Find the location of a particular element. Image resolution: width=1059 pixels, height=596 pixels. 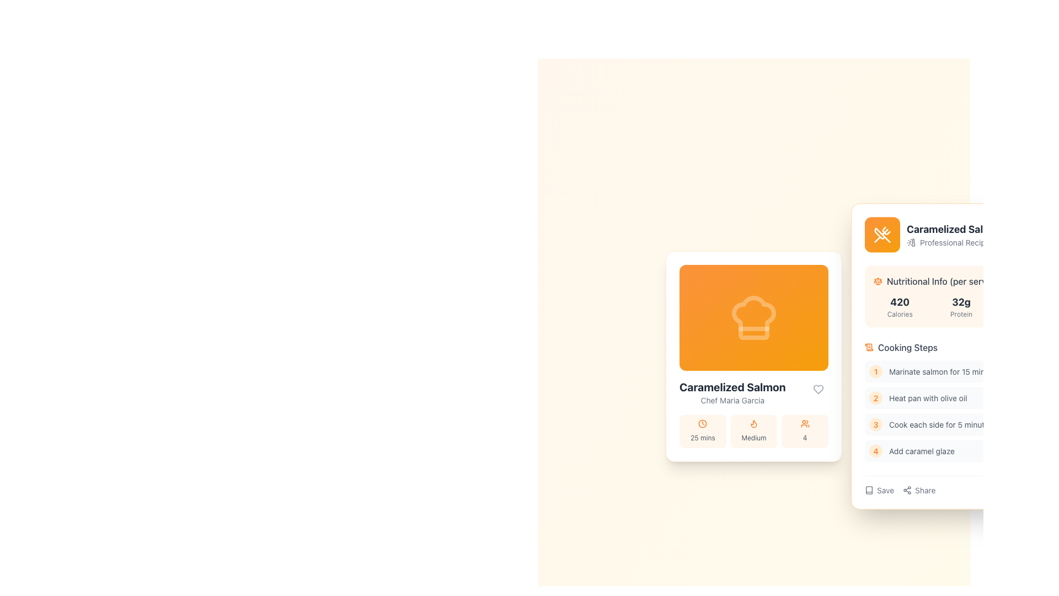

the square-shaped graphical component with a gradient orange background and a crossed fork and knife icon at the center to associate it with the displayed recipe 'Caramelized Salmon' is located at coordinates (881, 233).